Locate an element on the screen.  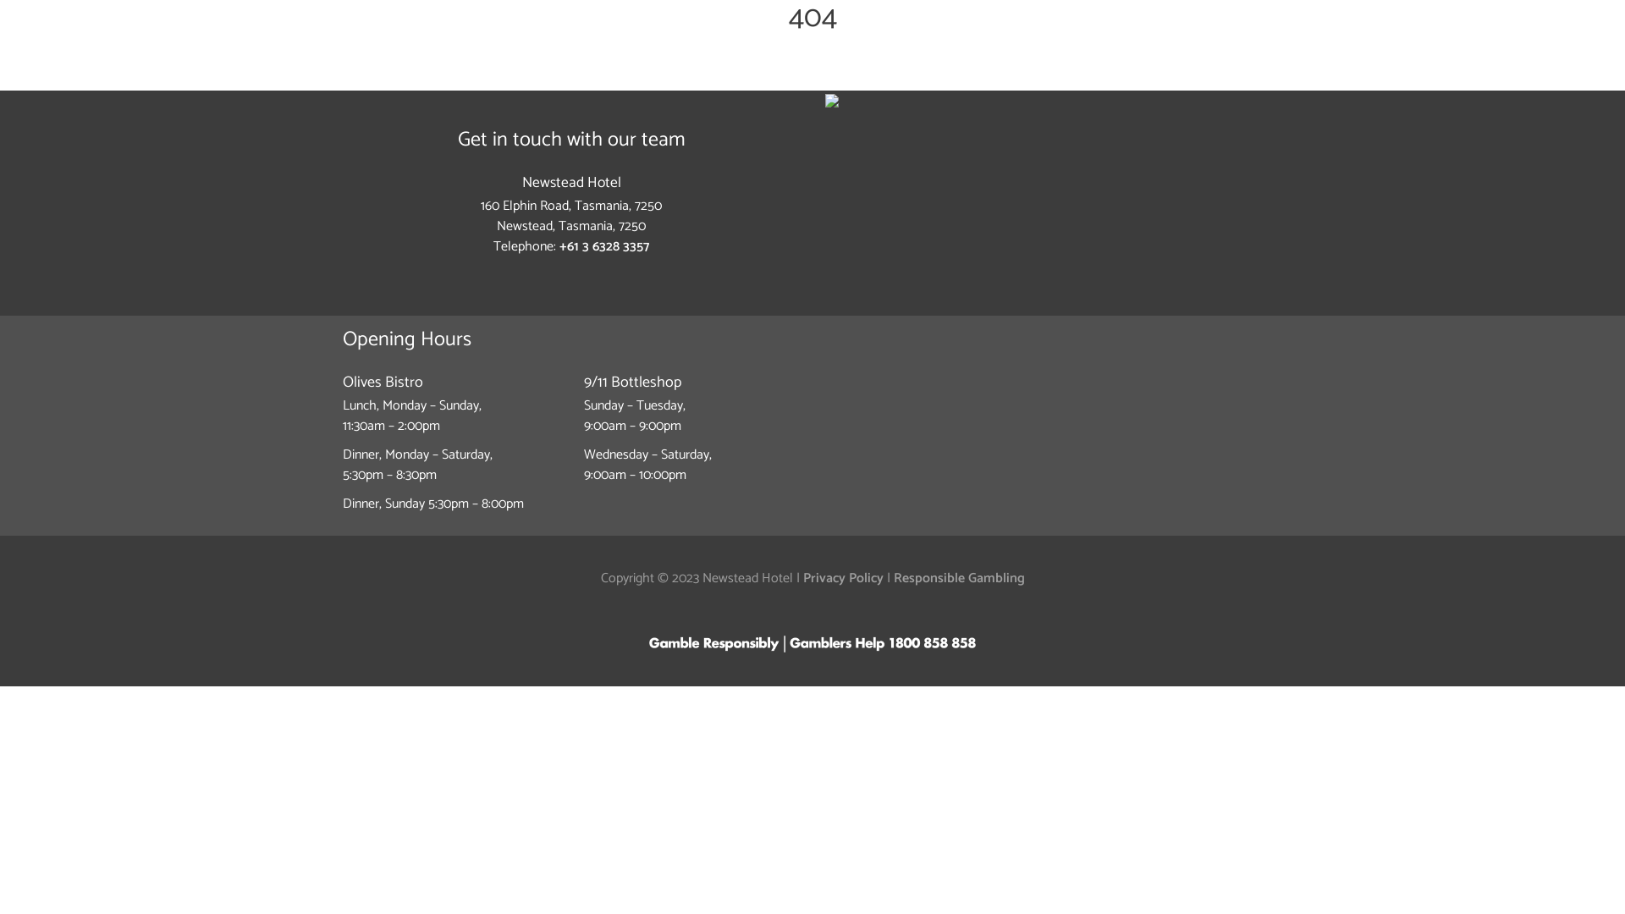
'Responsible Gambling' is located at coordinates (893, 577).